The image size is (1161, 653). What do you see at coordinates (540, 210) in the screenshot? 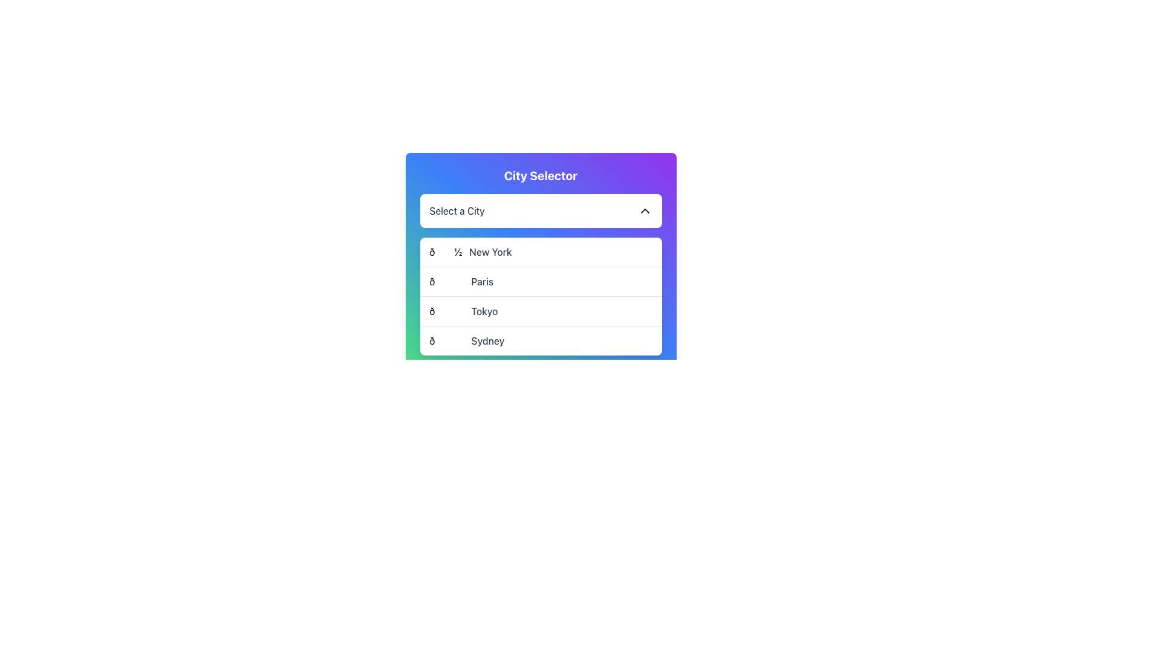
I see `the dropdown trigger labeled 'Select a City'` at bounding box center [540, 210].